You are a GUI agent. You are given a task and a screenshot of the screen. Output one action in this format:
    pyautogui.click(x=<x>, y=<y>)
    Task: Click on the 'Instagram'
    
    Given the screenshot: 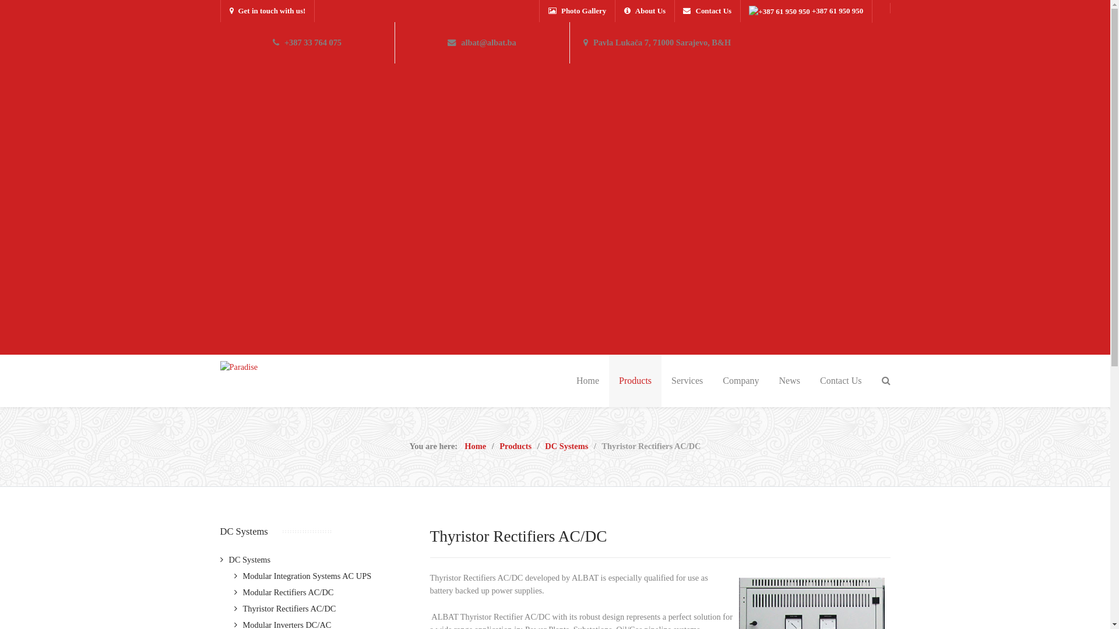 What is the action you would take?
    pyautogui.click(x=879, y=601)
    